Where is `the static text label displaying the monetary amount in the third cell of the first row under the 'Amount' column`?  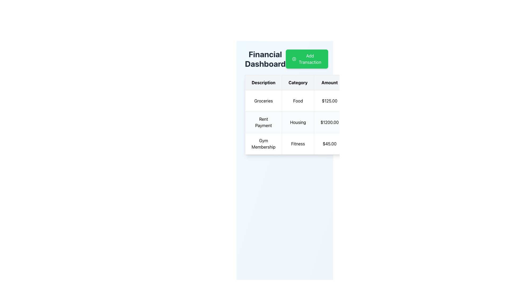
the static text label displaying the monetary amount in the third cell of the first row under the 'Amount' column is located at coordinates (329, 101).